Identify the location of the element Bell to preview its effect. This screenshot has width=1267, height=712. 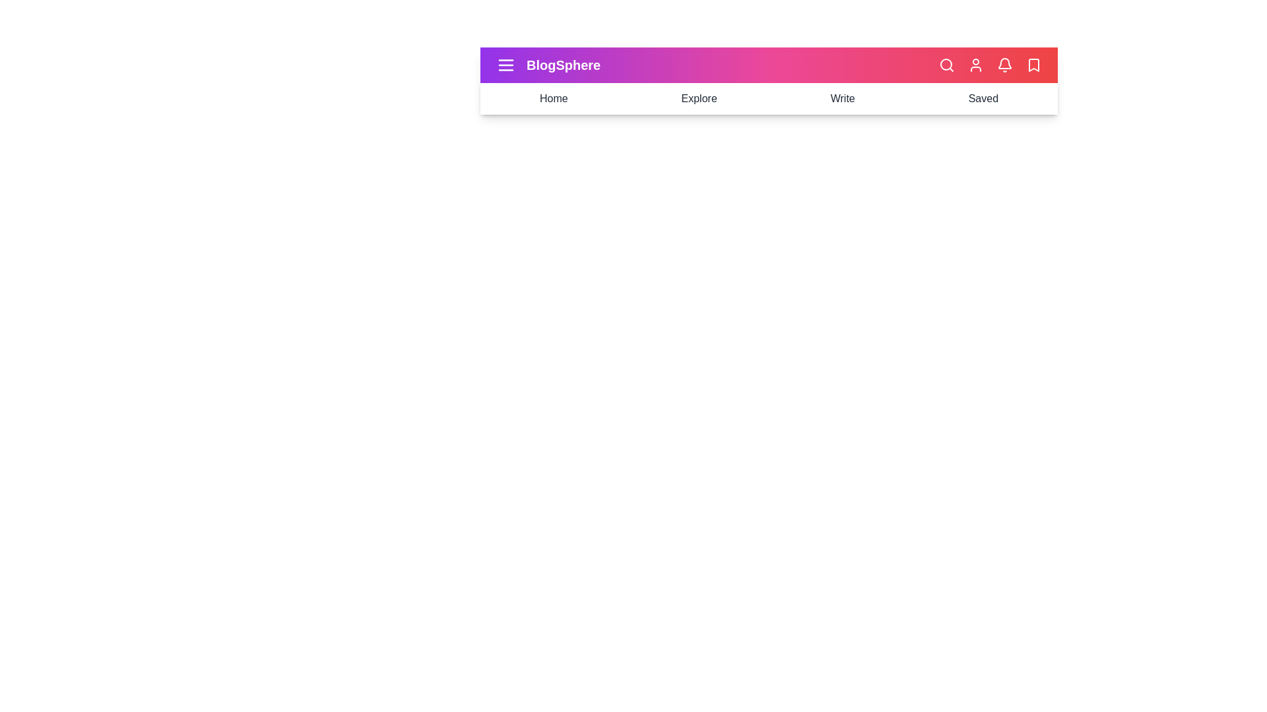
(1004, 65).